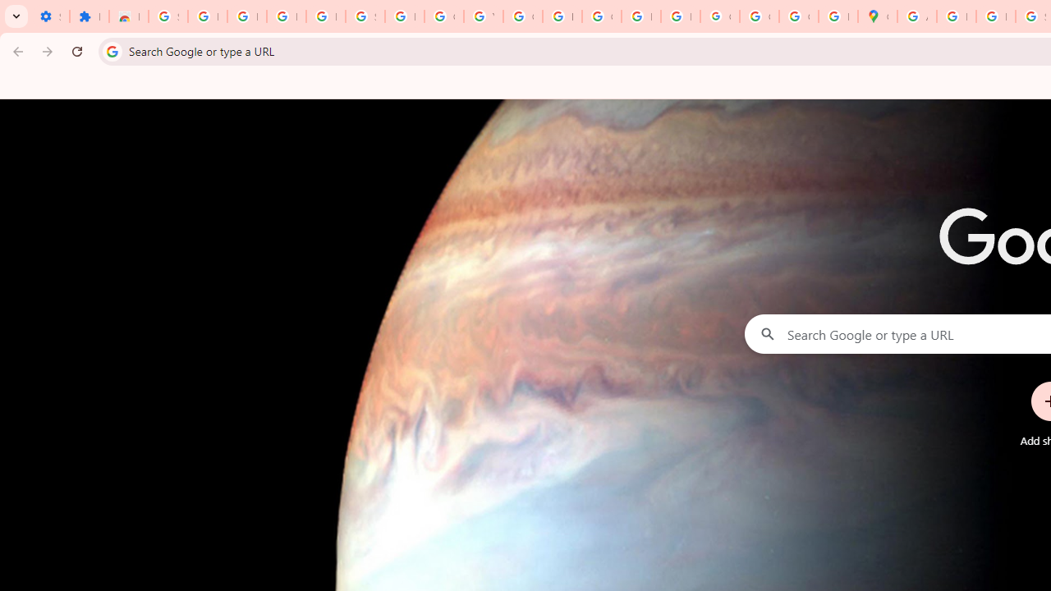 The image size is (1051, 591). I want to click on 'Settings - On startup', so click(49, 16).